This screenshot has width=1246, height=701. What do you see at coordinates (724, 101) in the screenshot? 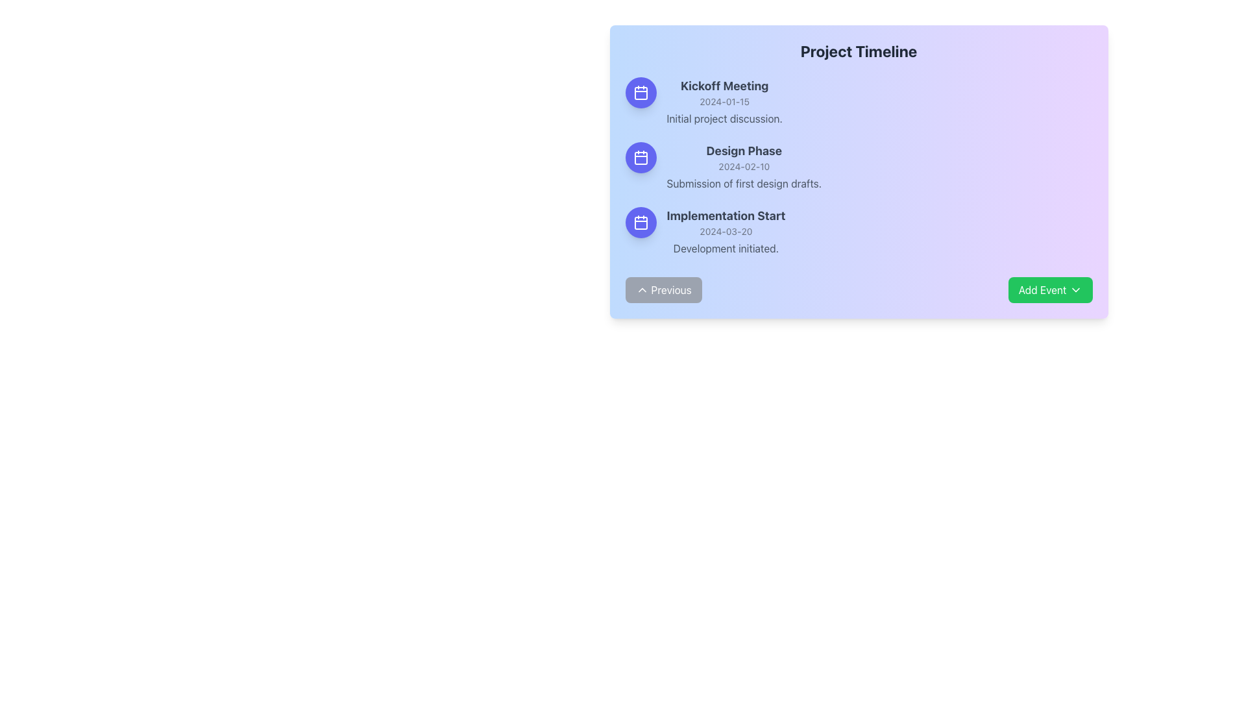
I see `details from the 'Kickoff Meeting' text block, which includes the title, date, and description, positioned in the top-left section of the card under the 'Project Timeline' heading` at bounding box center [724, 101].